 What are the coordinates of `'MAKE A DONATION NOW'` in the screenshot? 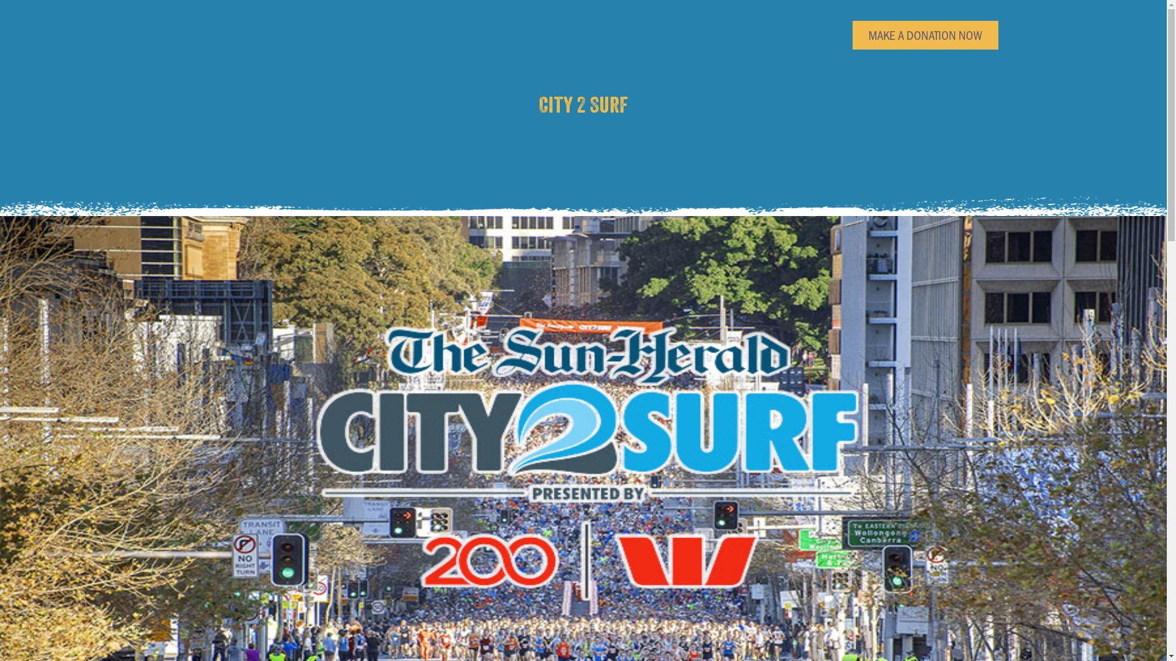 It's located at (925, 34).